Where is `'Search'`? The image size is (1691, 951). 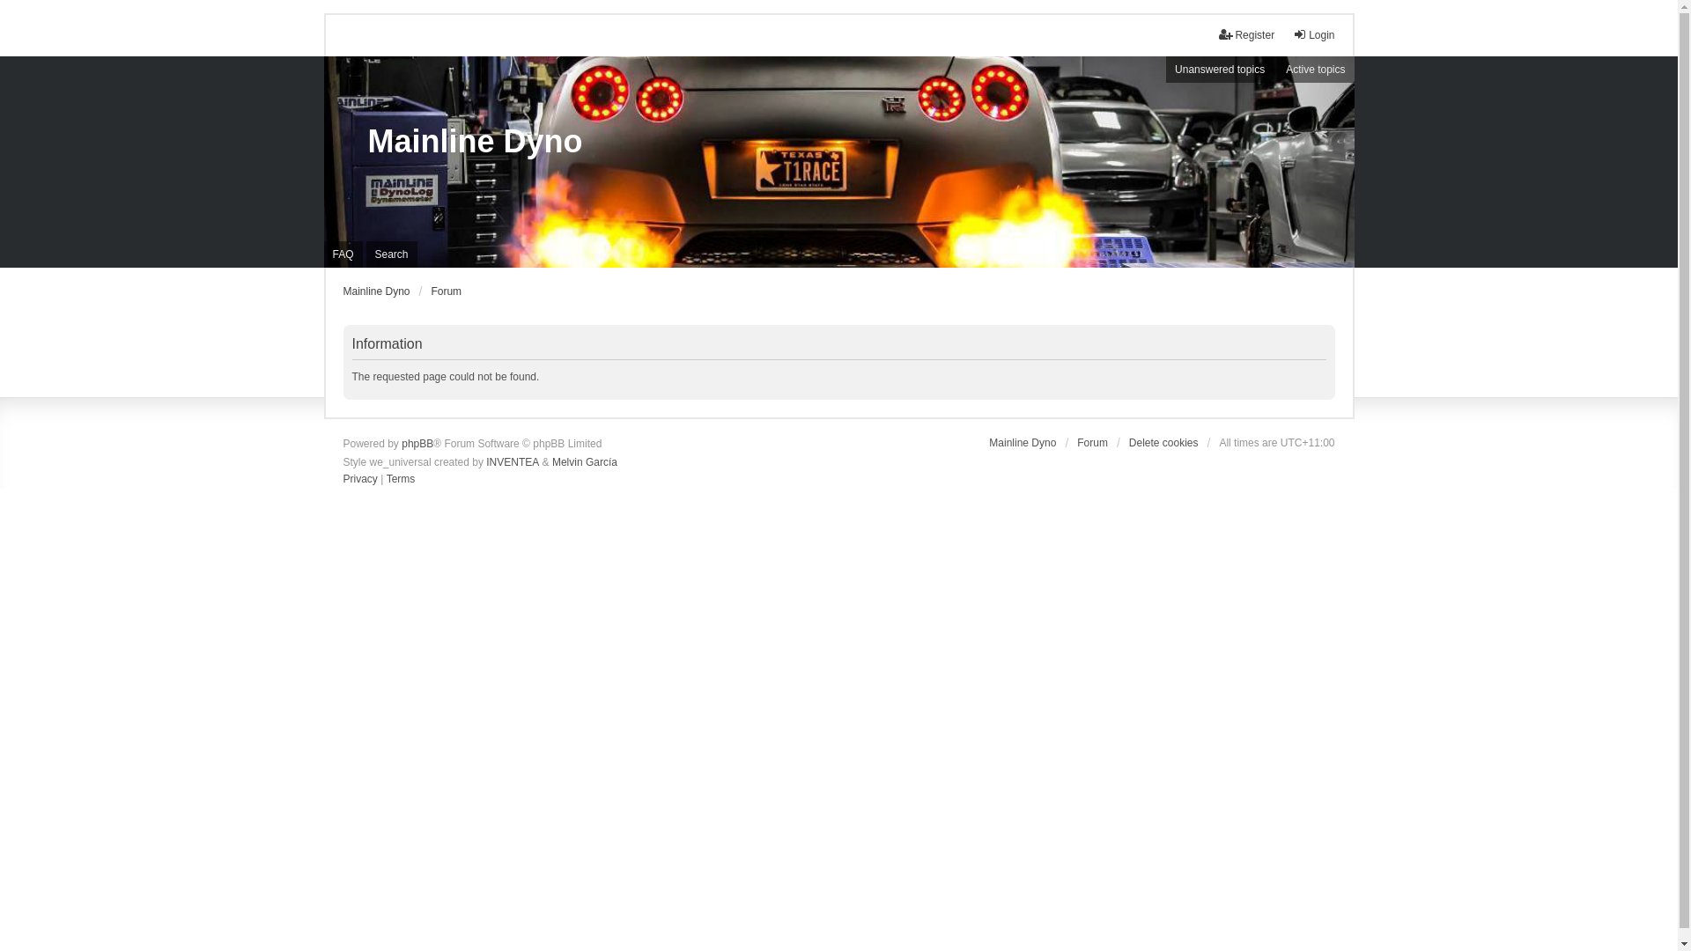
'Search' is located at coordinates (391, 254).